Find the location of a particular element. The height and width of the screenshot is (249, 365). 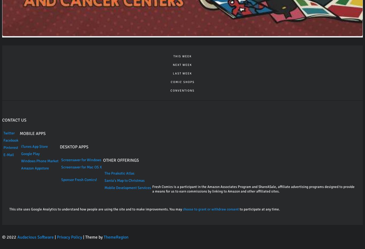

'© 2022' is located at coordinates (10, 237).